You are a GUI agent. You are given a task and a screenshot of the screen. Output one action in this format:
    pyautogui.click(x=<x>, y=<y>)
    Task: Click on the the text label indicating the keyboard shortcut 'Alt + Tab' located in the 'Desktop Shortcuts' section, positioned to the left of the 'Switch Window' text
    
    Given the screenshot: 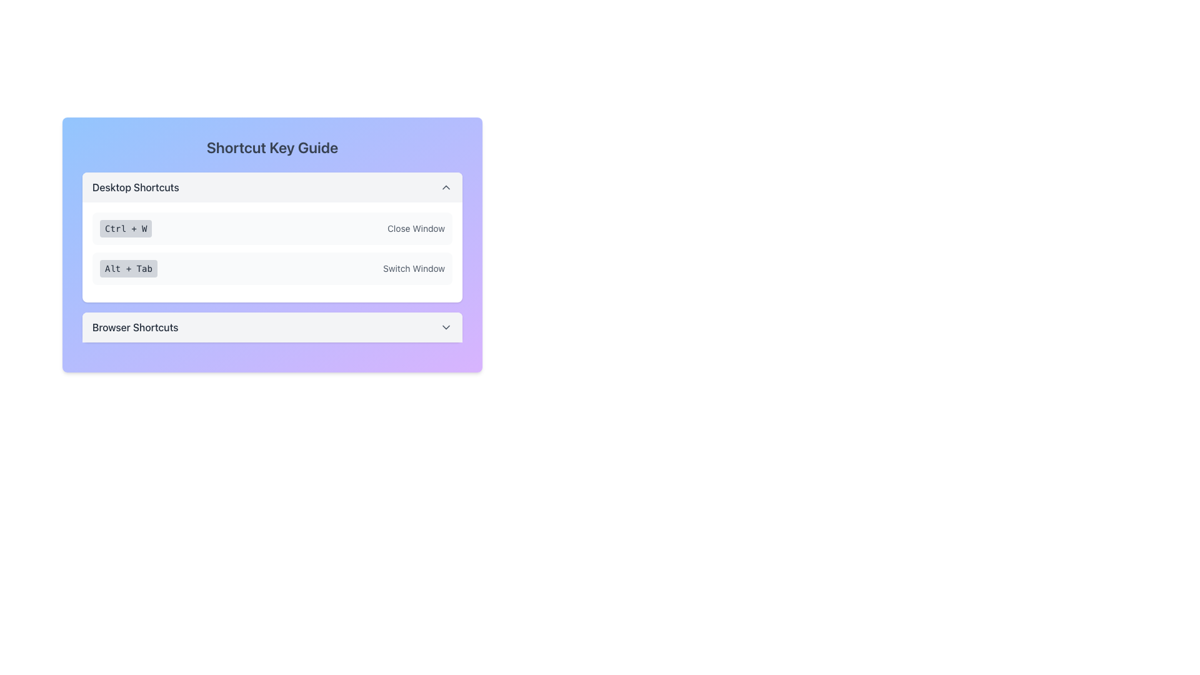 What is the action you would take?
    pyautogui.click(x=129, y=267)
    